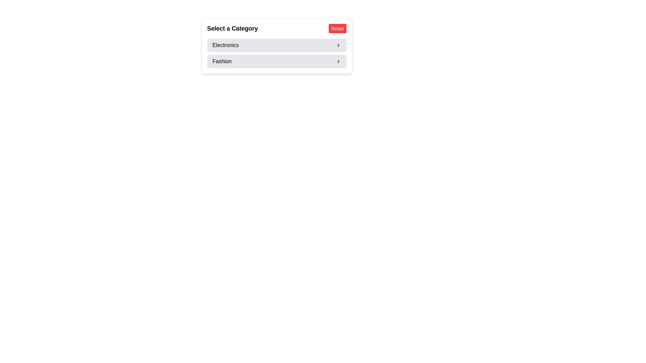  I want to click on the 'Fashion' button, so click(277, 61).